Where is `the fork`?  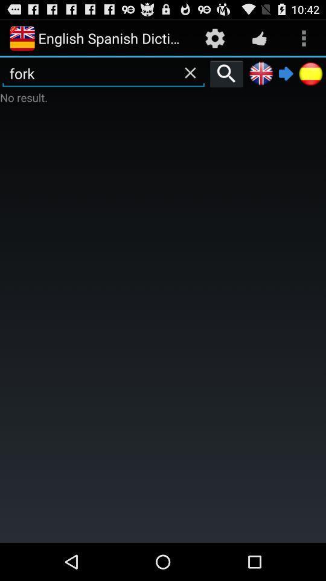
the fork is located at coordinates (103, 73).